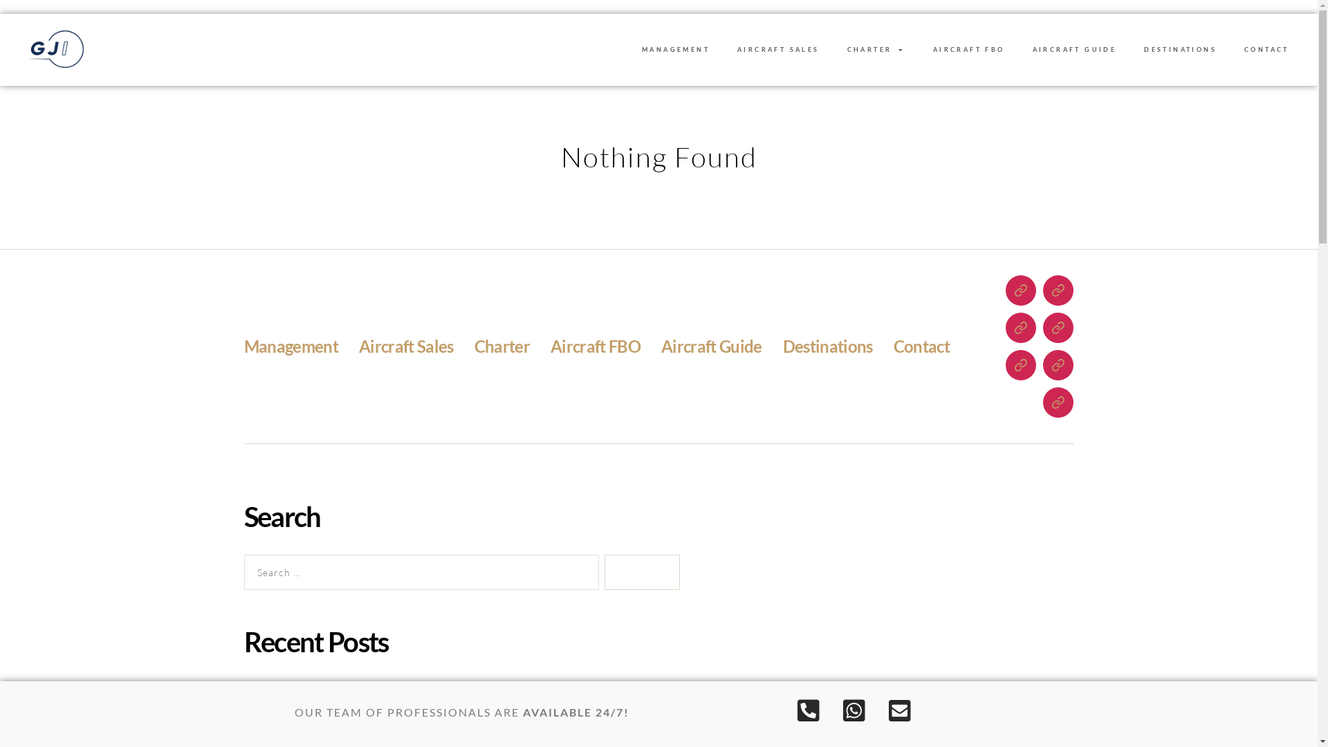 The image size is (1328, 747). What do you see at coordinates (358, 345) in the screenshot?
I see `'Aircraft Sales'` at bounding box center [358, 345].